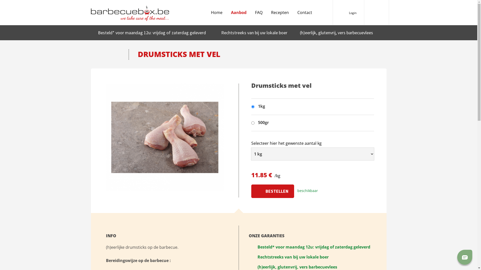  What do you see at coordinates (376, 12) in the screenshot?
I see `'Barbecuebox'` at bounding box center [376, 12].